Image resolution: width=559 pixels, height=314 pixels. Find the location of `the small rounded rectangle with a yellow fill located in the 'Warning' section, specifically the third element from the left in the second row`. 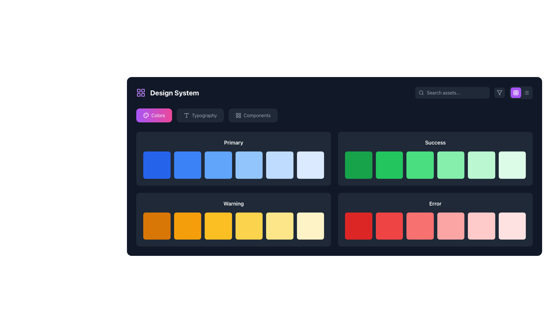

the small rounded rectangle with a yellow fill located in the 'Warning' section, specifically the third element from the left in the second row is located at coordinates (219, 226).